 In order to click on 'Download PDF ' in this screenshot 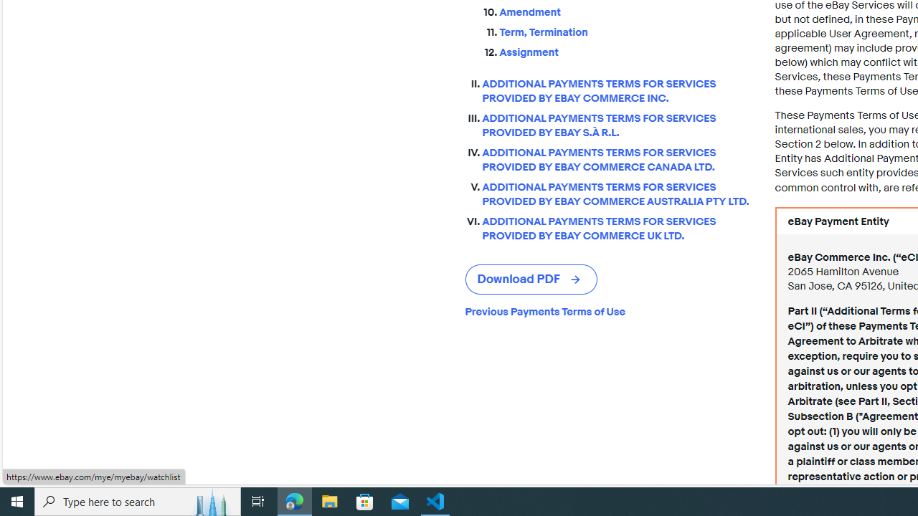, I will do `click(531, 279)`.